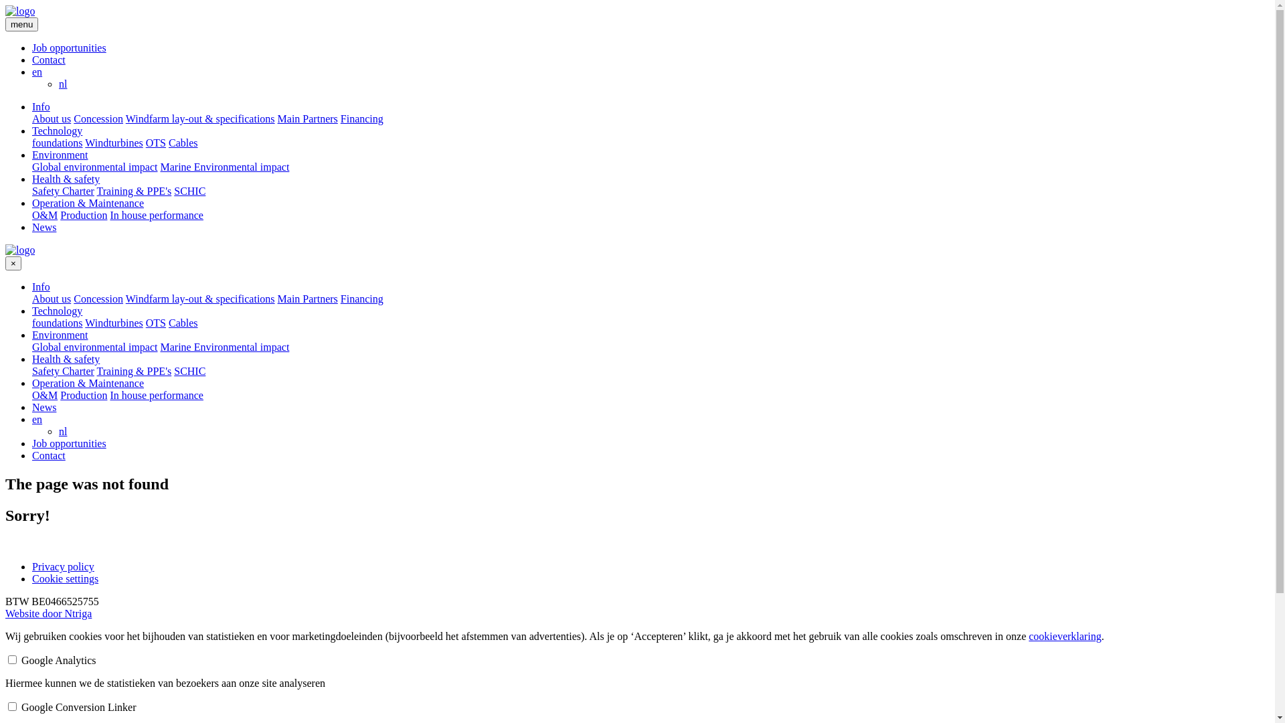 The image size is (1285, 723). What do you see at coordinates (32, 143) in the screenshot?
I see `'foundations'` at bounding box center [32, 143].